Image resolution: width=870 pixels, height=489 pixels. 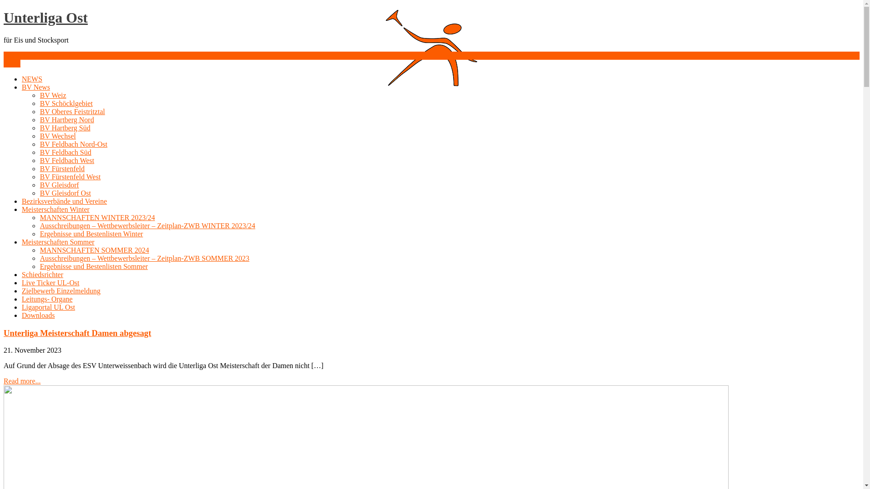 I want to click on 'Downloads', so click(x=38, y=315).